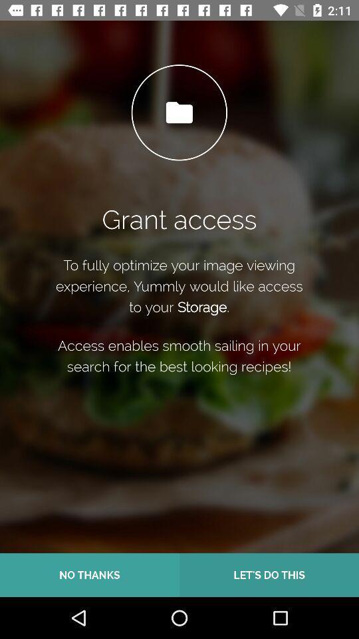 This screenshot has height=639, width=359. Describe the element at coordinates (269, 574) in the screenshot. I see `the let s do icon` at that location.